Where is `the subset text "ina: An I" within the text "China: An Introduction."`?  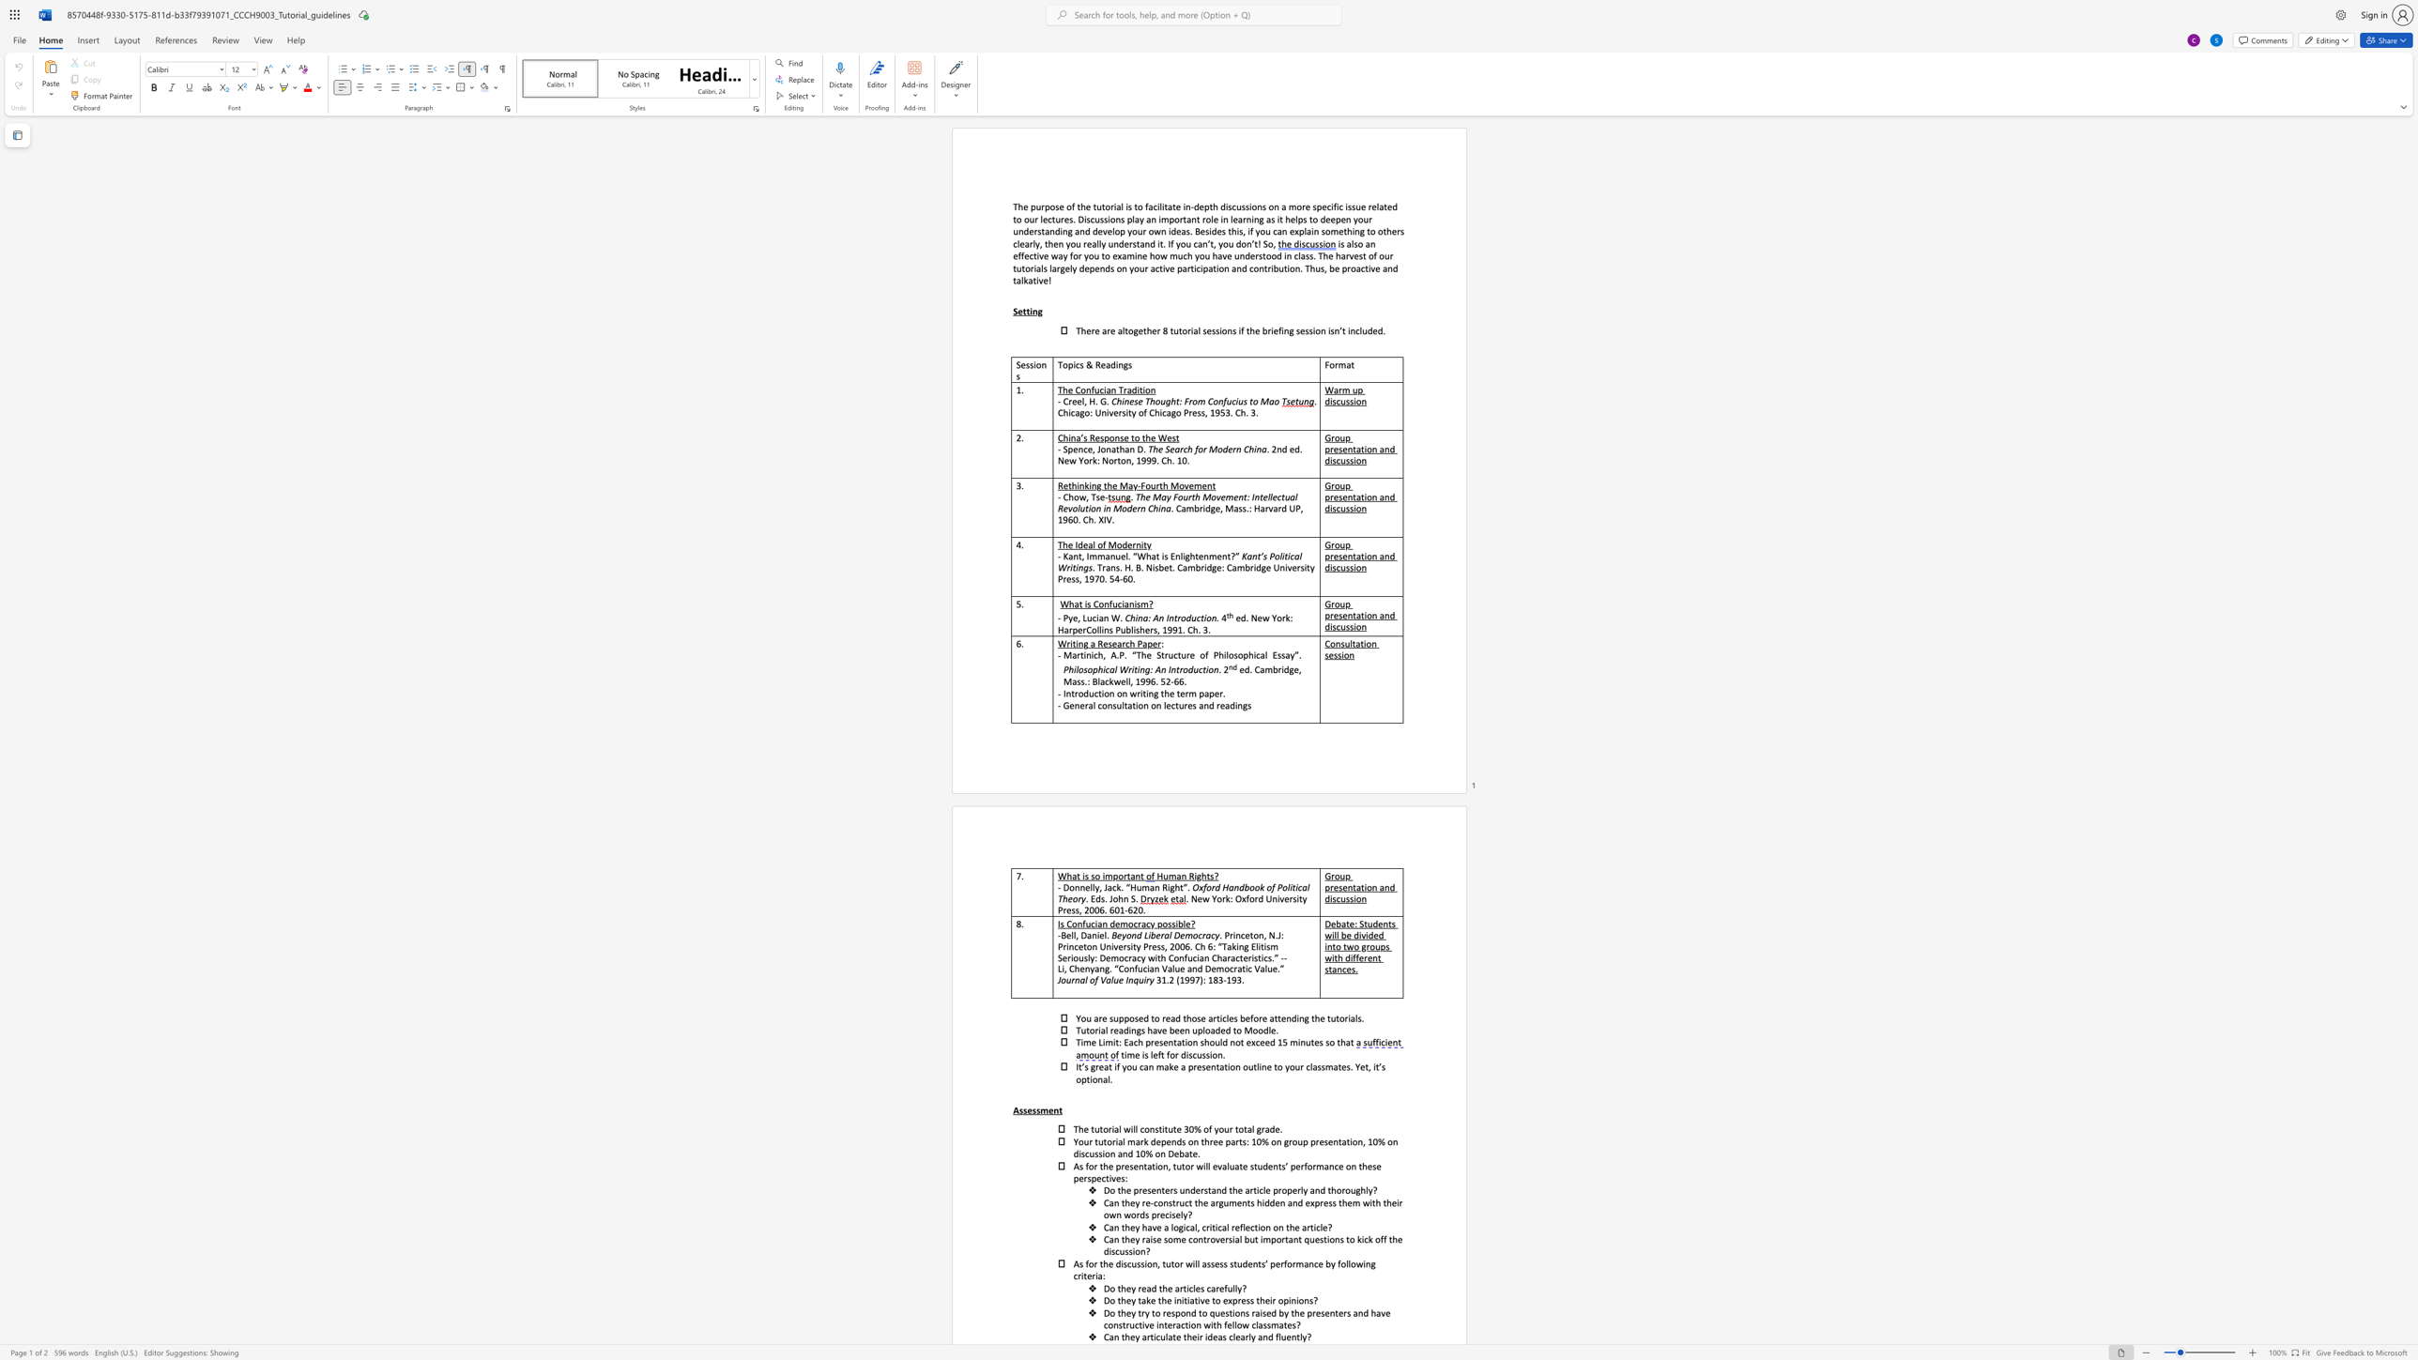 the subset text "ina: An I" within the text "China: An Introduction." is located at coordinates (1136, 618).